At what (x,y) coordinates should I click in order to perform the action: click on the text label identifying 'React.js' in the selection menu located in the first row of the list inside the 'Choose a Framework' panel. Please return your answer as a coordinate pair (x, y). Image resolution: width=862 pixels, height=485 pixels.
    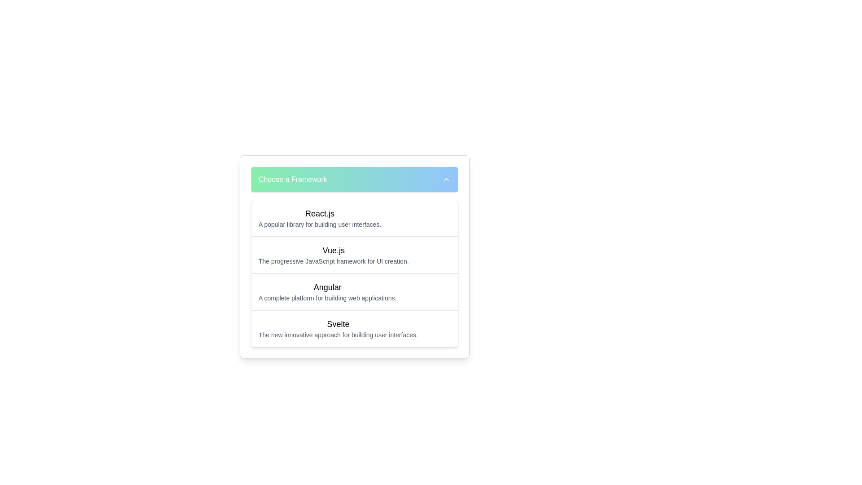
    Looking at the image, I should click on (320, 213).